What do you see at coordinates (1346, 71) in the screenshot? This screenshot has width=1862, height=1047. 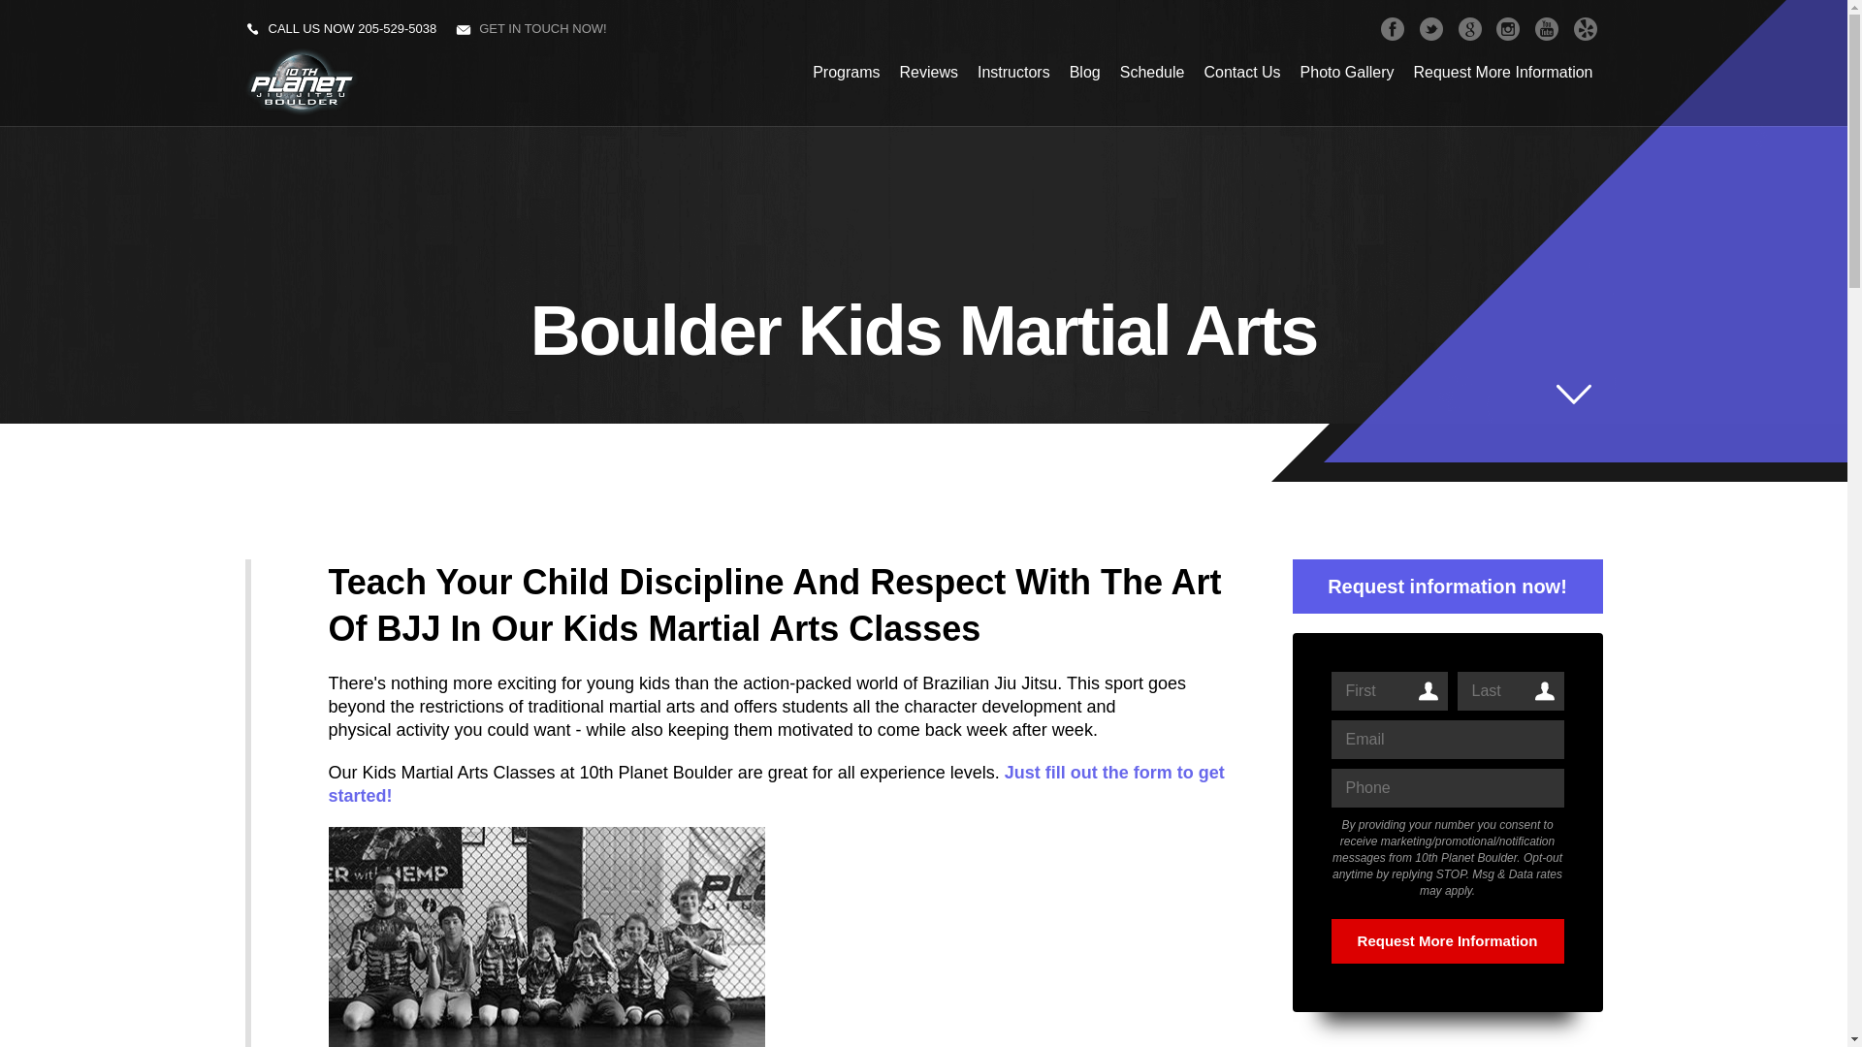 I see `'Photo Gallery'` at bounding box center [1346, 71].